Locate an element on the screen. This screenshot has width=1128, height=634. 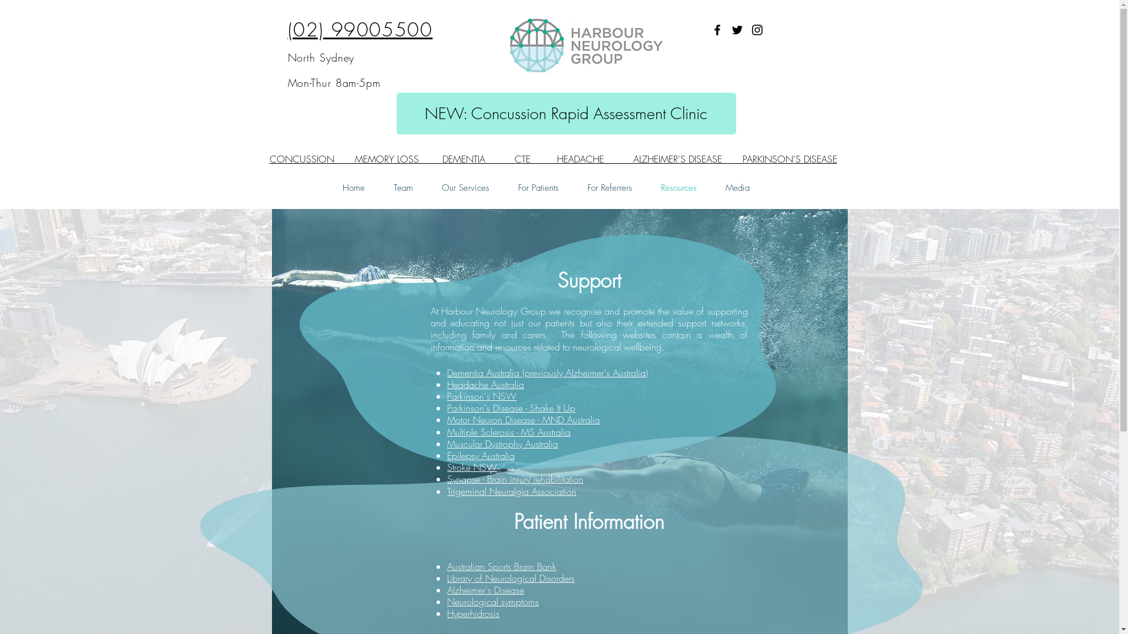
'Home' is located at coordinates (352, 187).